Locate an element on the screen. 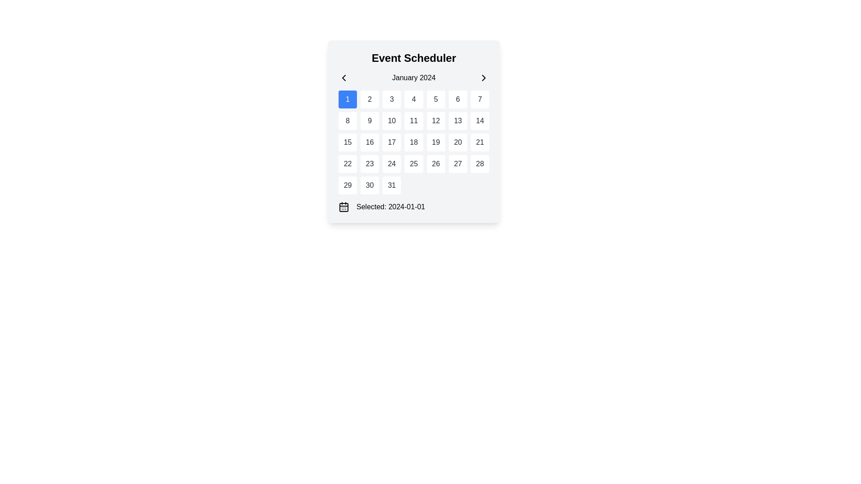 The height and width of the screenshot is (484, 861). the chevron-right indicator icon, which is used for navigating to the next month in the calendar, located to the right of 'January 2024' is located at coordinates (483, 77).